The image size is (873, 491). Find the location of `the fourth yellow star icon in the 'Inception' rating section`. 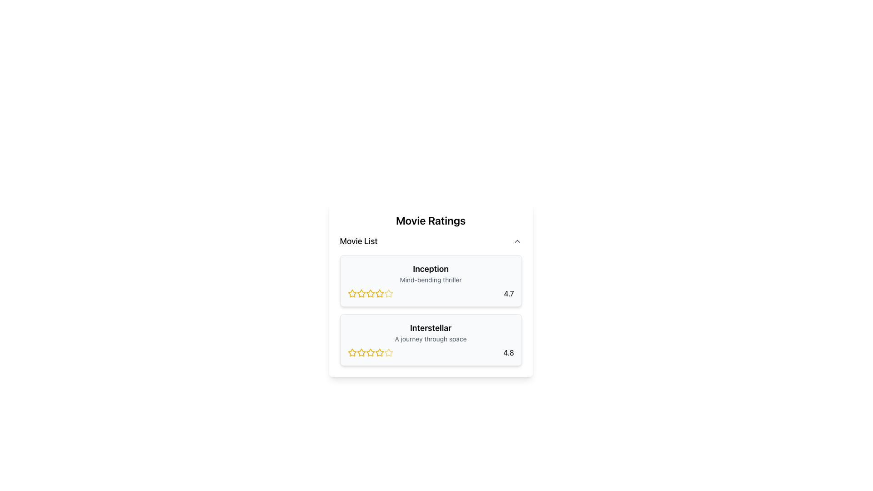

the fourth yellow star icon in the 'Inception' rating section is located at coordinates (388, 293).